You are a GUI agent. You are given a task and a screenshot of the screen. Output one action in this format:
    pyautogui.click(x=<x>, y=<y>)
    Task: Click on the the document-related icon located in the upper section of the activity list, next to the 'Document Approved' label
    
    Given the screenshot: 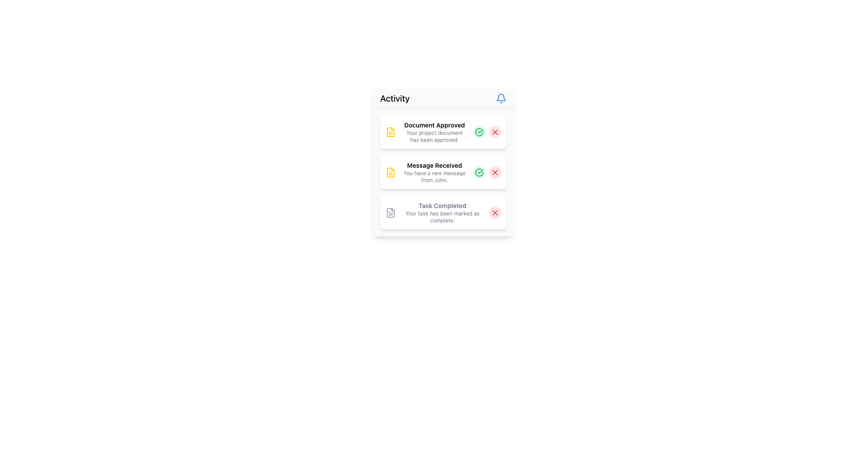 What is the action you would take?
    pyautogui.click(x=390, y=132)
    